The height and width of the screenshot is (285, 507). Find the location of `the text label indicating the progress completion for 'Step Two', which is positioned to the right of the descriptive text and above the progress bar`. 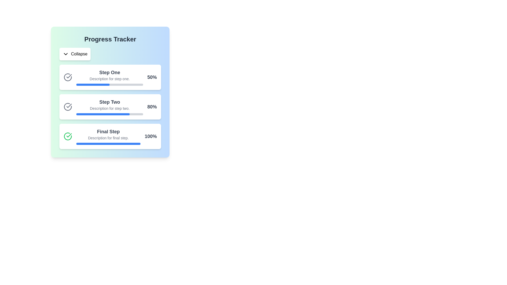

the text label indicating the progress completion for 'Step Two', which is positioned to the right of the descriptive text and above the progress bar is located at coordinates (152, 107).